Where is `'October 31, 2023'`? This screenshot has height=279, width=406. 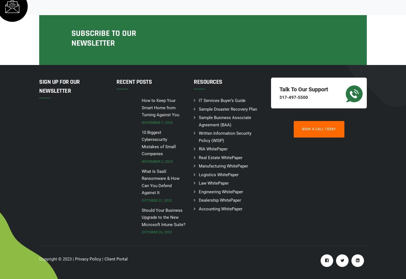
'October 31, 2023' is located at coordinates (157, 200).